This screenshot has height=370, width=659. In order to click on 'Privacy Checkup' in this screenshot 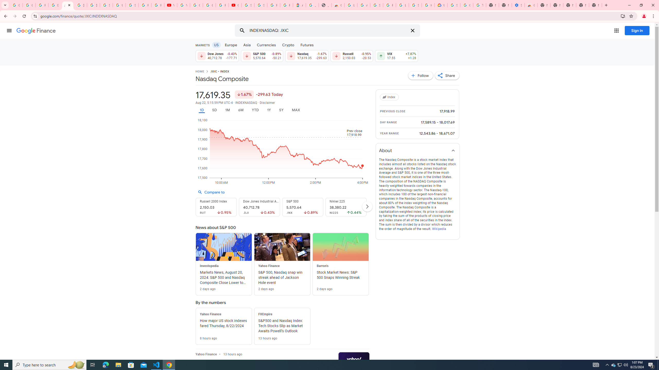, I will do `click(158, 5)`.